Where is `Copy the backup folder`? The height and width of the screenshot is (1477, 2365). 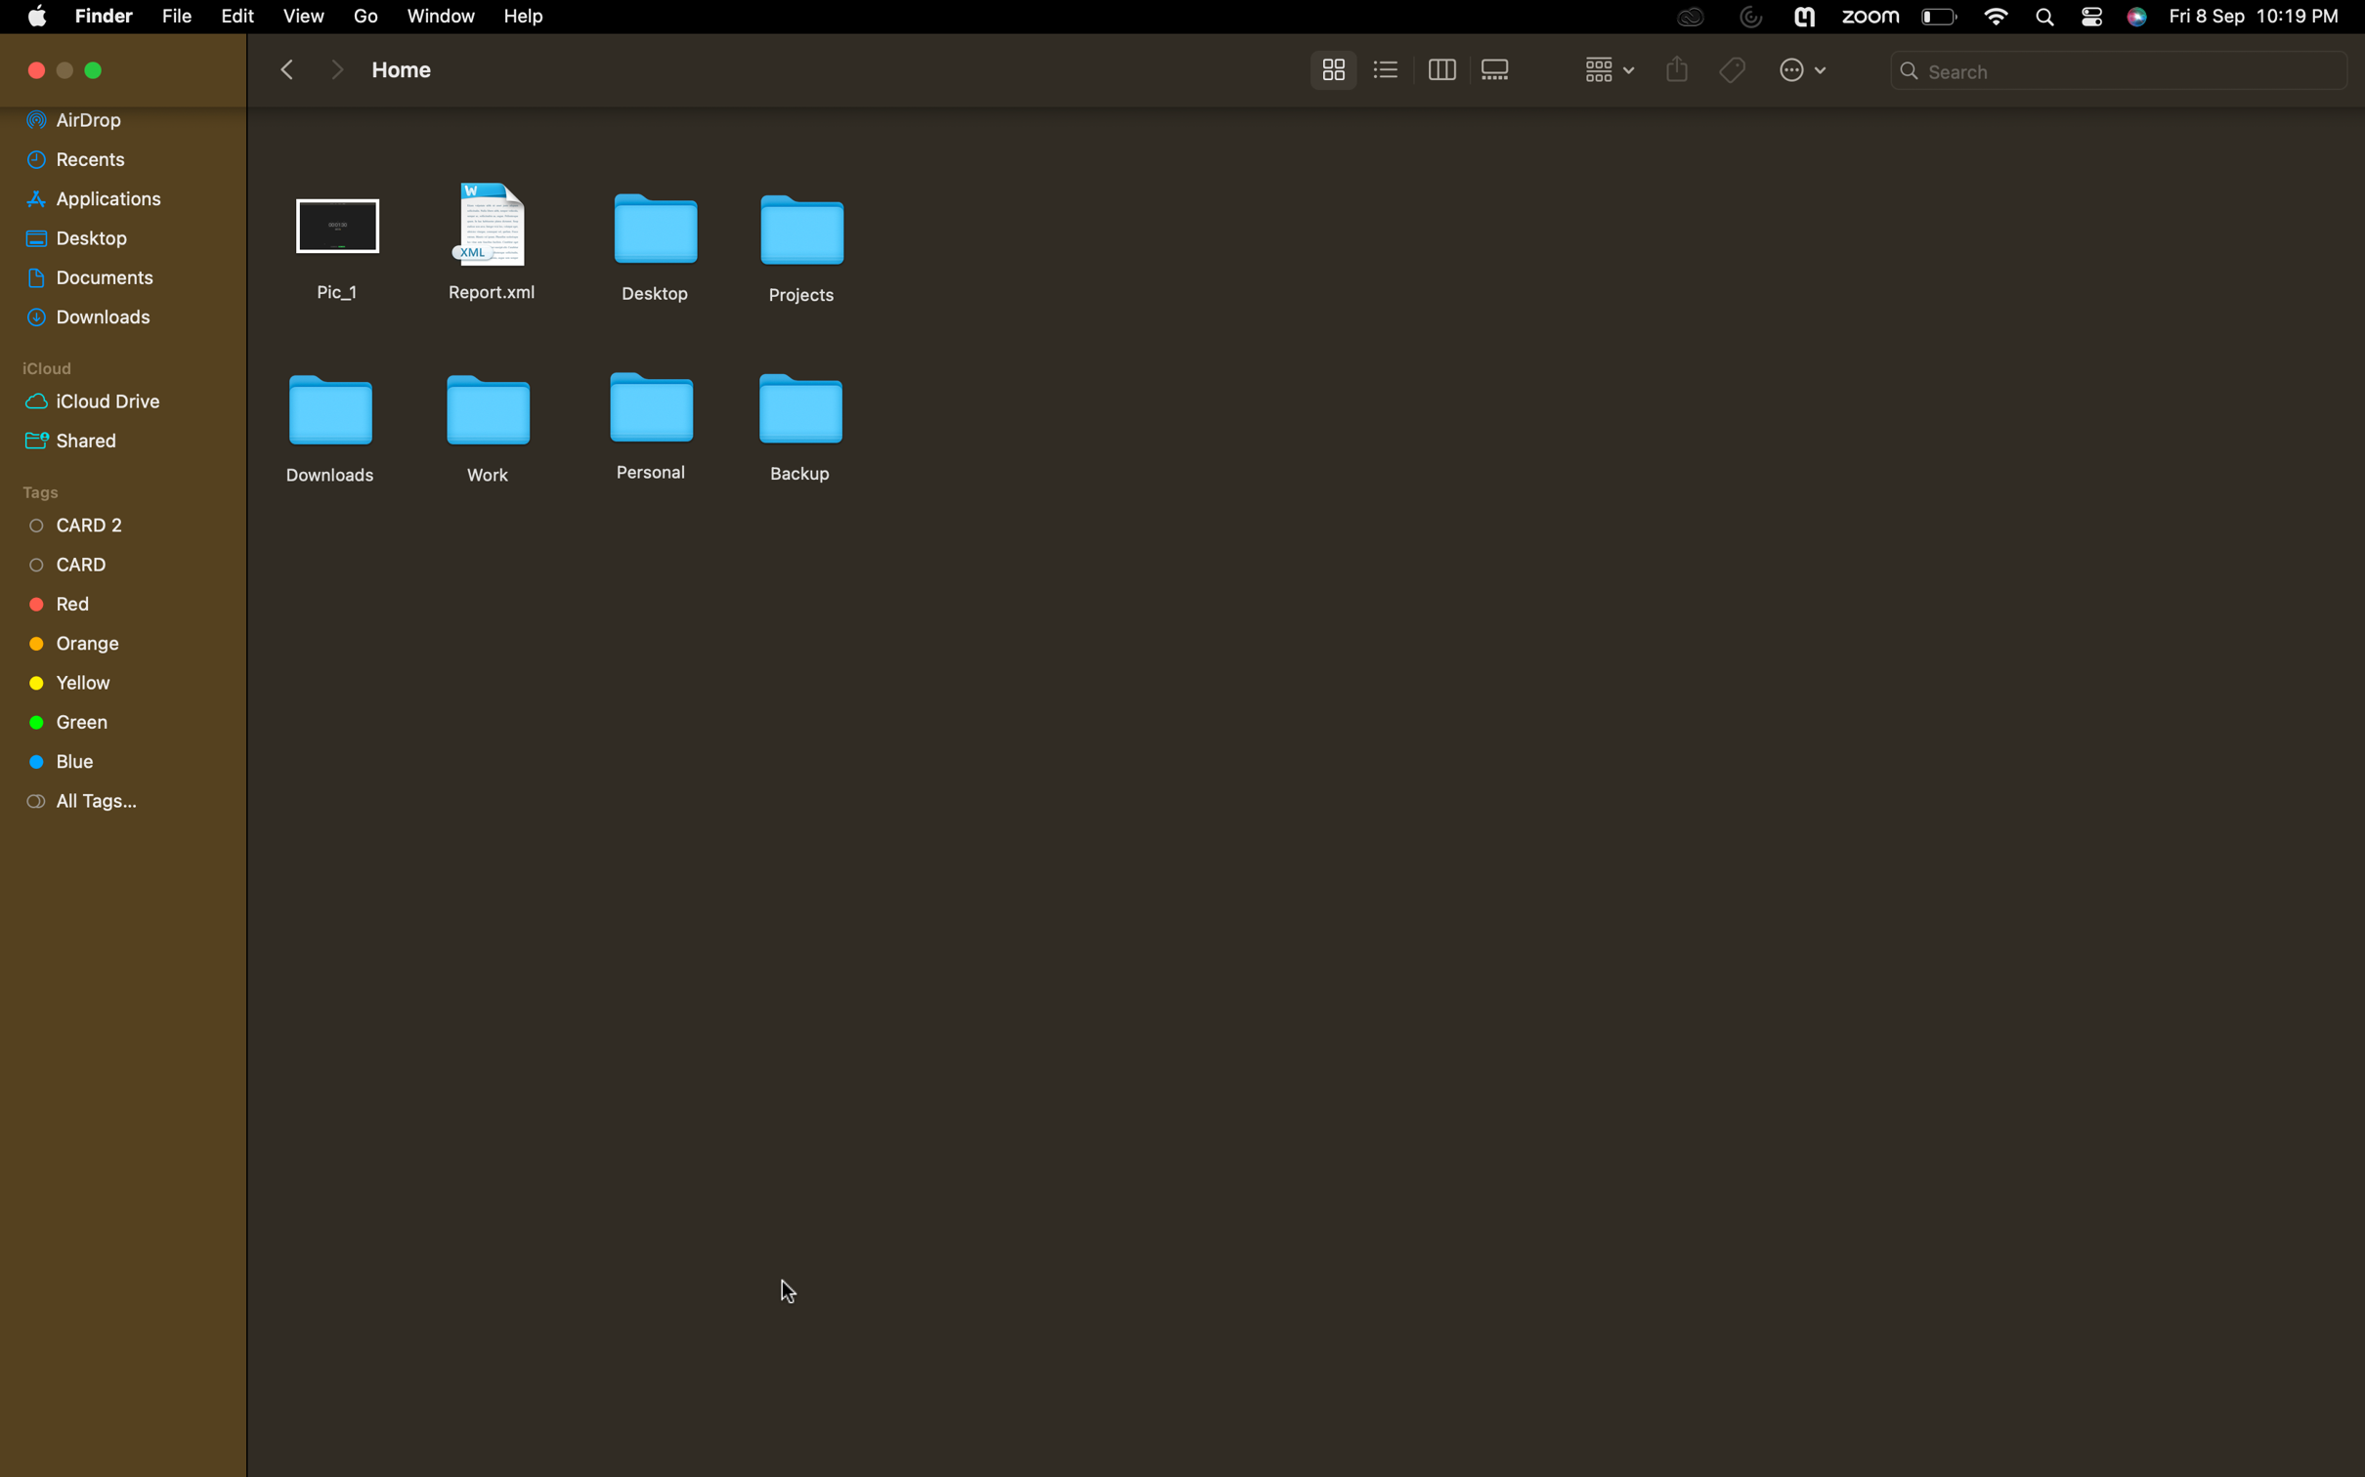
Copy the backup folder is located at coordinates (800, 423).